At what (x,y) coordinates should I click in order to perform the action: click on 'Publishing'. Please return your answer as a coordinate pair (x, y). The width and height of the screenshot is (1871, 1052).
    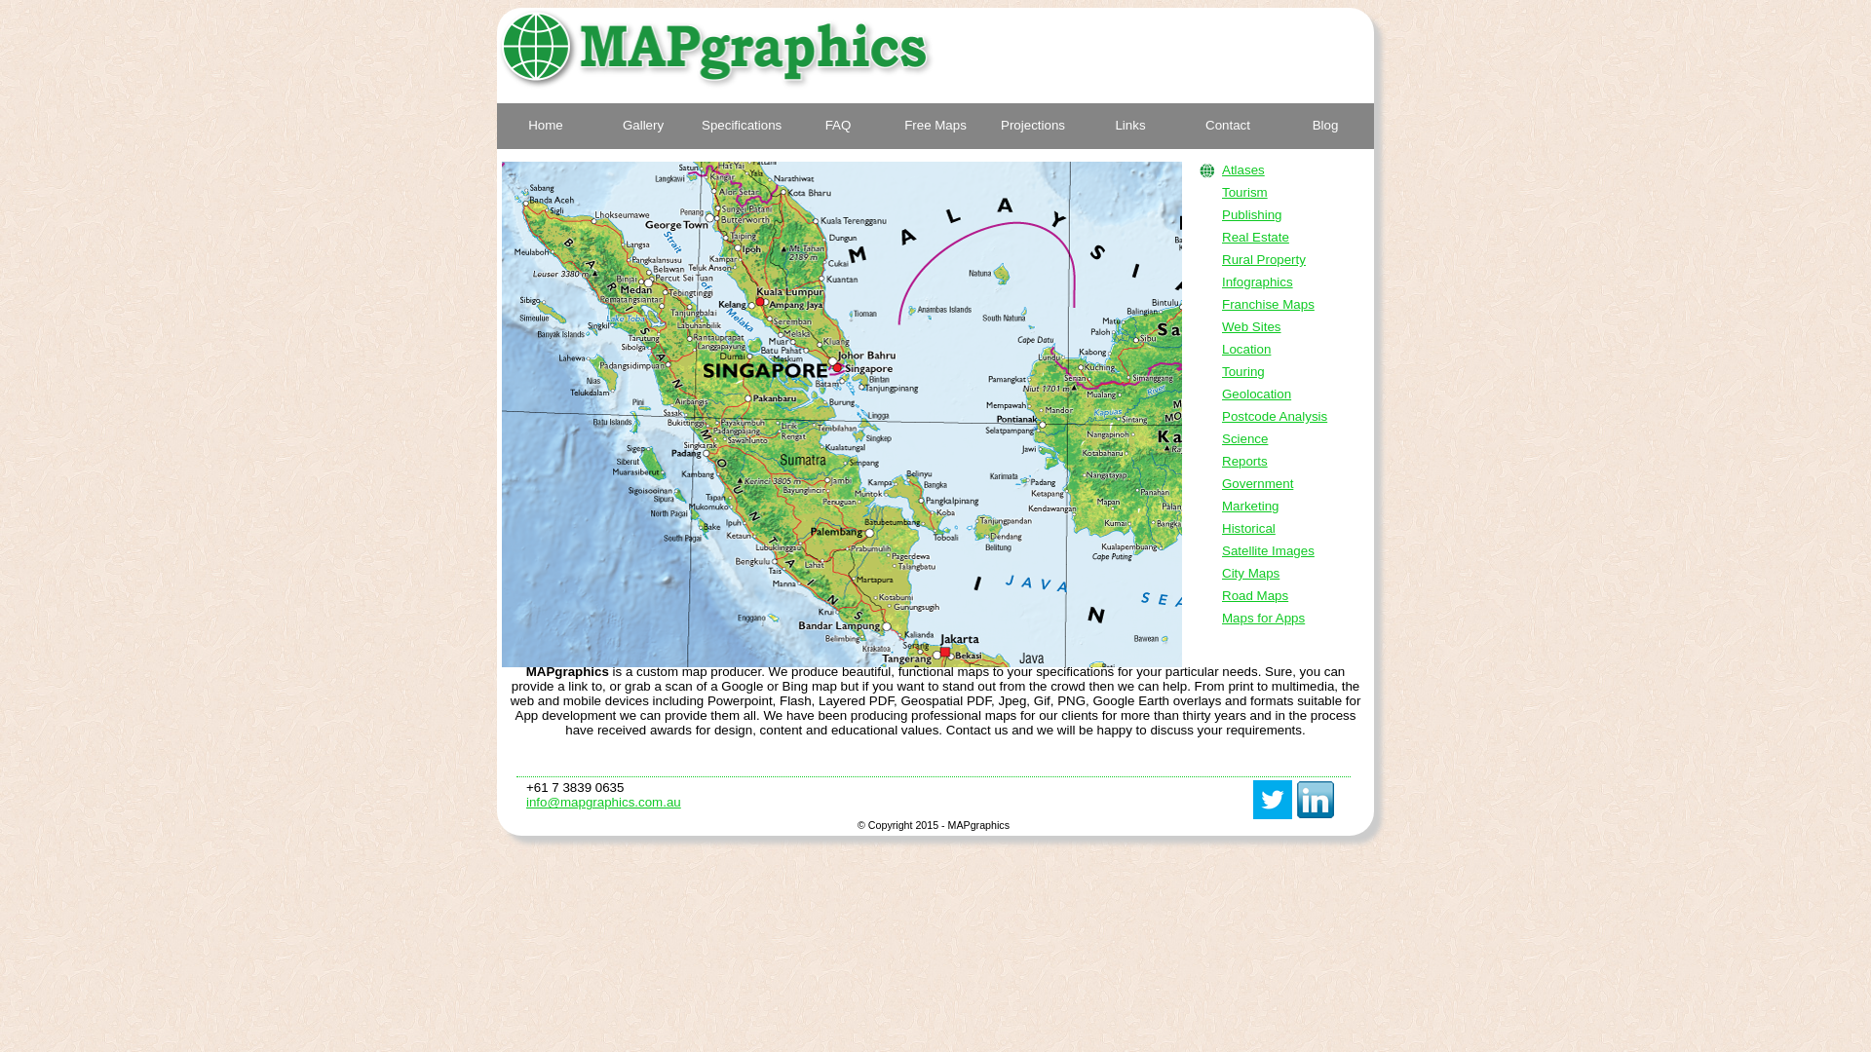
    Looking at the image, I should click on (1252, 214).